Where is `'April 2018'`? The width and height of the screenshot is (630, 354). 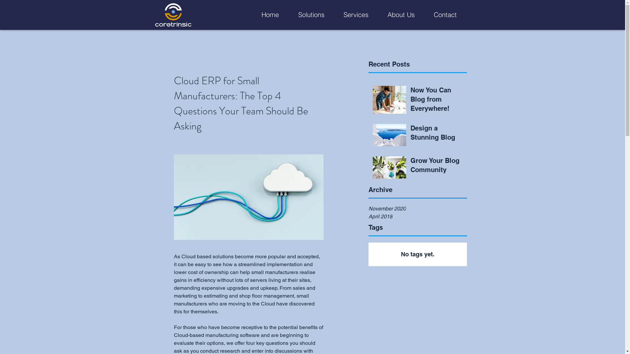
'April 2018' is located at coordinates (417, 216).